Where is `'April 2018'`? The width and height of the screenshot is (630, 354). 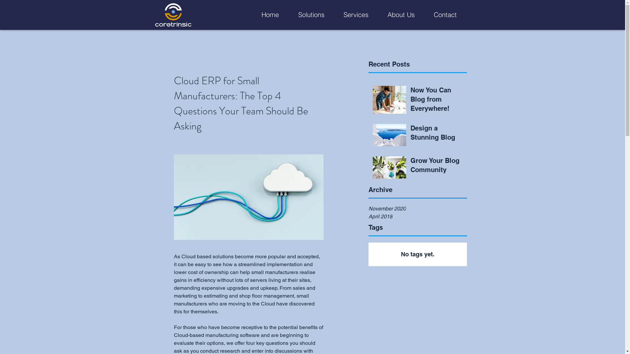
'April 2018' is located at coordinates (417, 216).